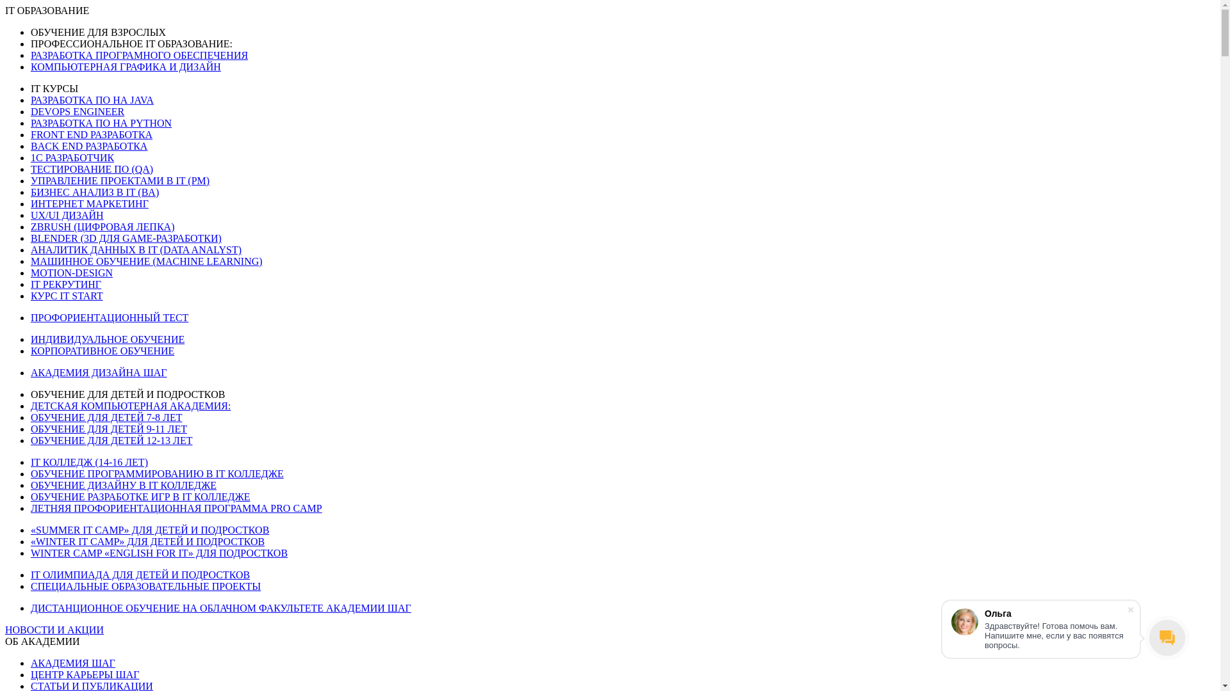 This screenshot has height=691, width=1230. Describe the element at coordinates (76, 111) in the screenshot. I see `'DEVOPS ENGINEER'` at that location.